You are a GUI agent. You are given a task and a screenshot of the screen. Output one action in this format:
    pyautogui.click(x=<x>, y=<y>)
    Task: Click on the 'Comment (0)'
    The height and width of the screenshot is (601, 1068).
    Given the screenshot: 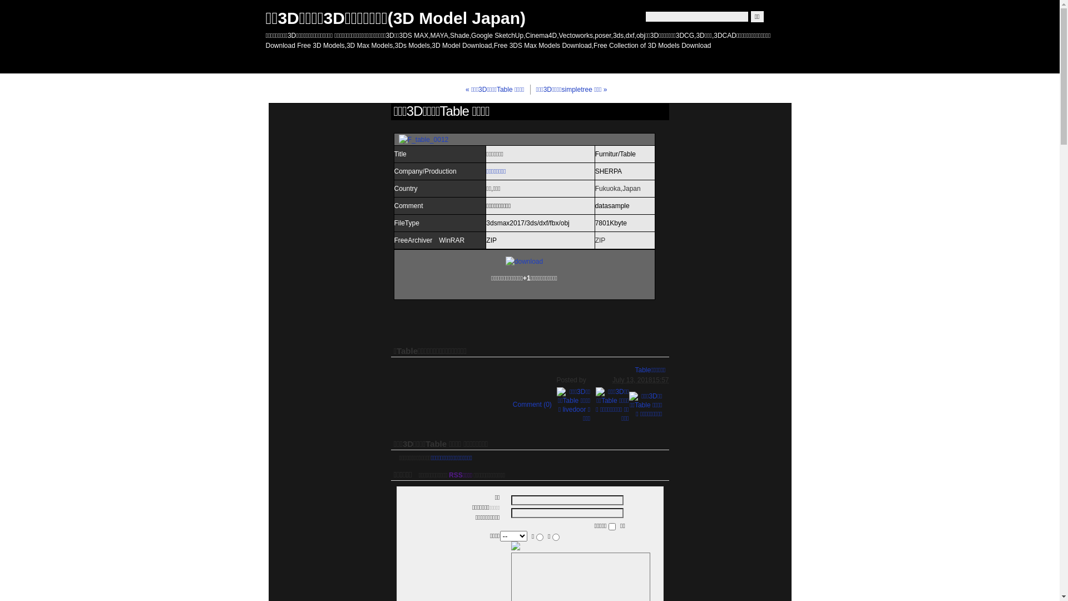 What is the action you would take?
    pyautogui.click(x=526, y=405)
    